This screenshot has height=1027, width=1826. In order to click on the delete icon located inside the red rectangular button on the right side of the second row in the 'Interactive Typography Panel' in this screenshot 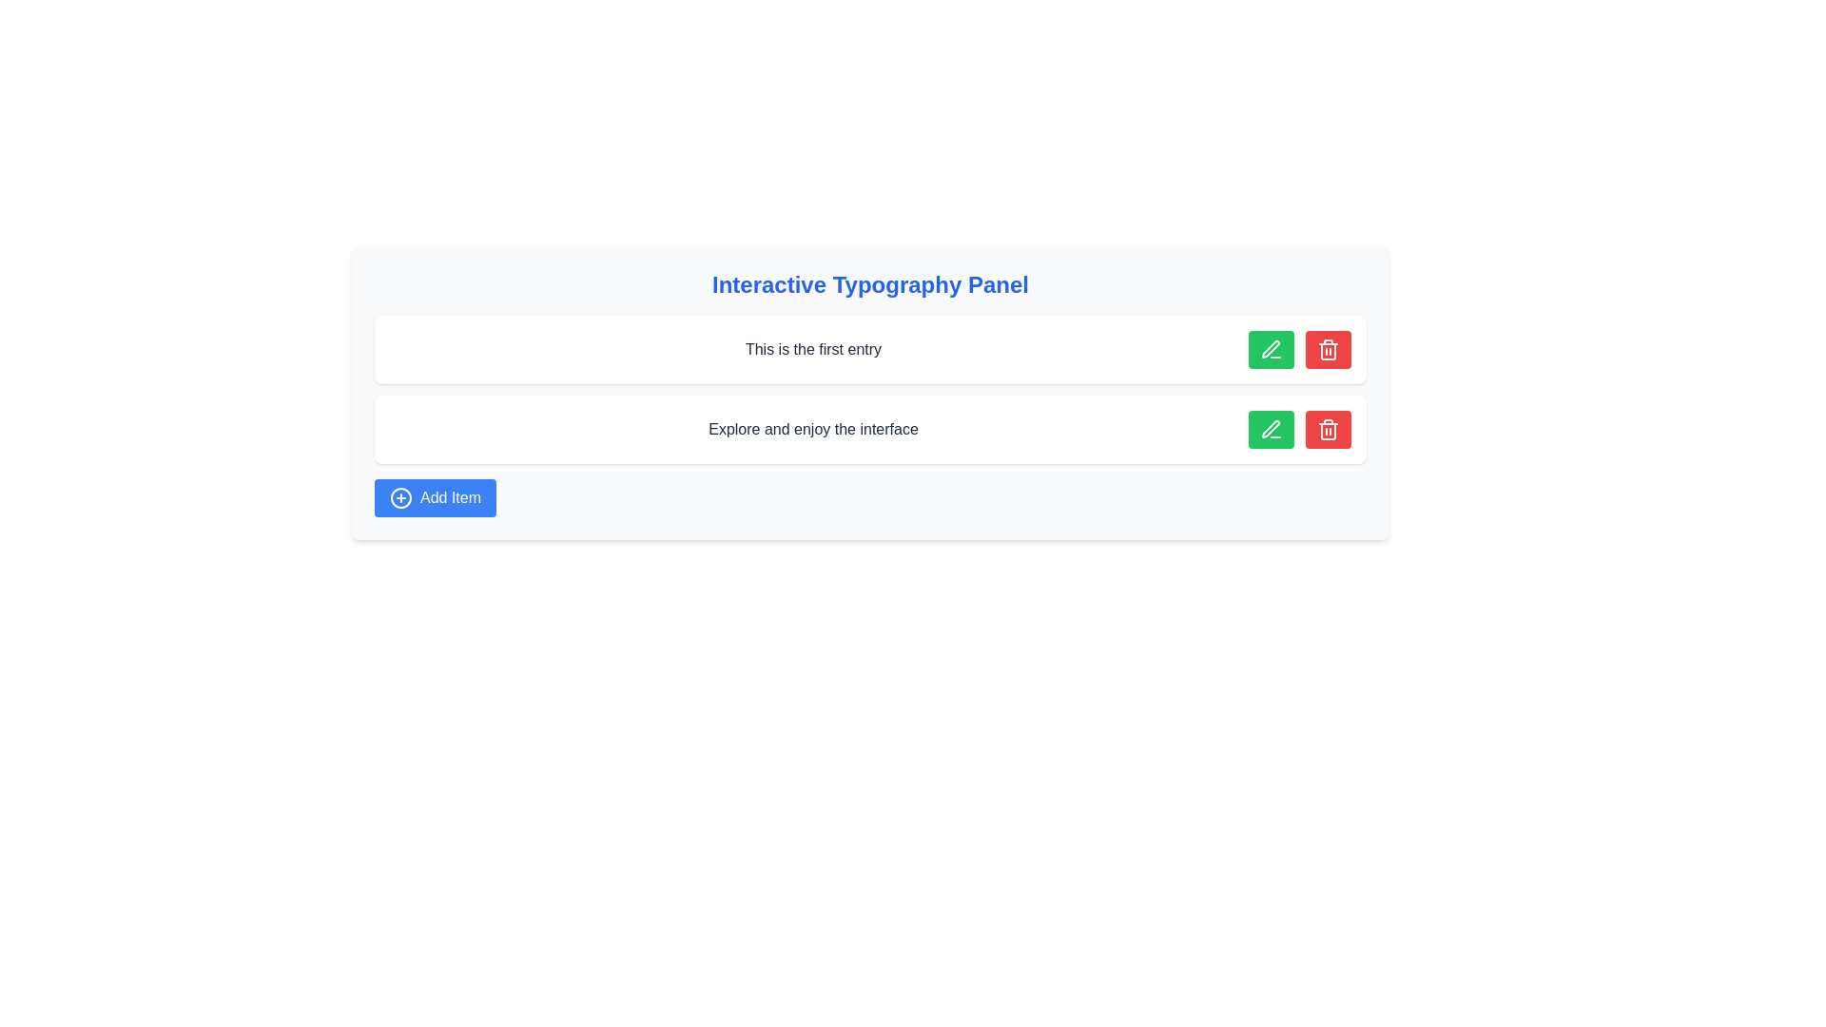, I will do `click(1327, 349)`.